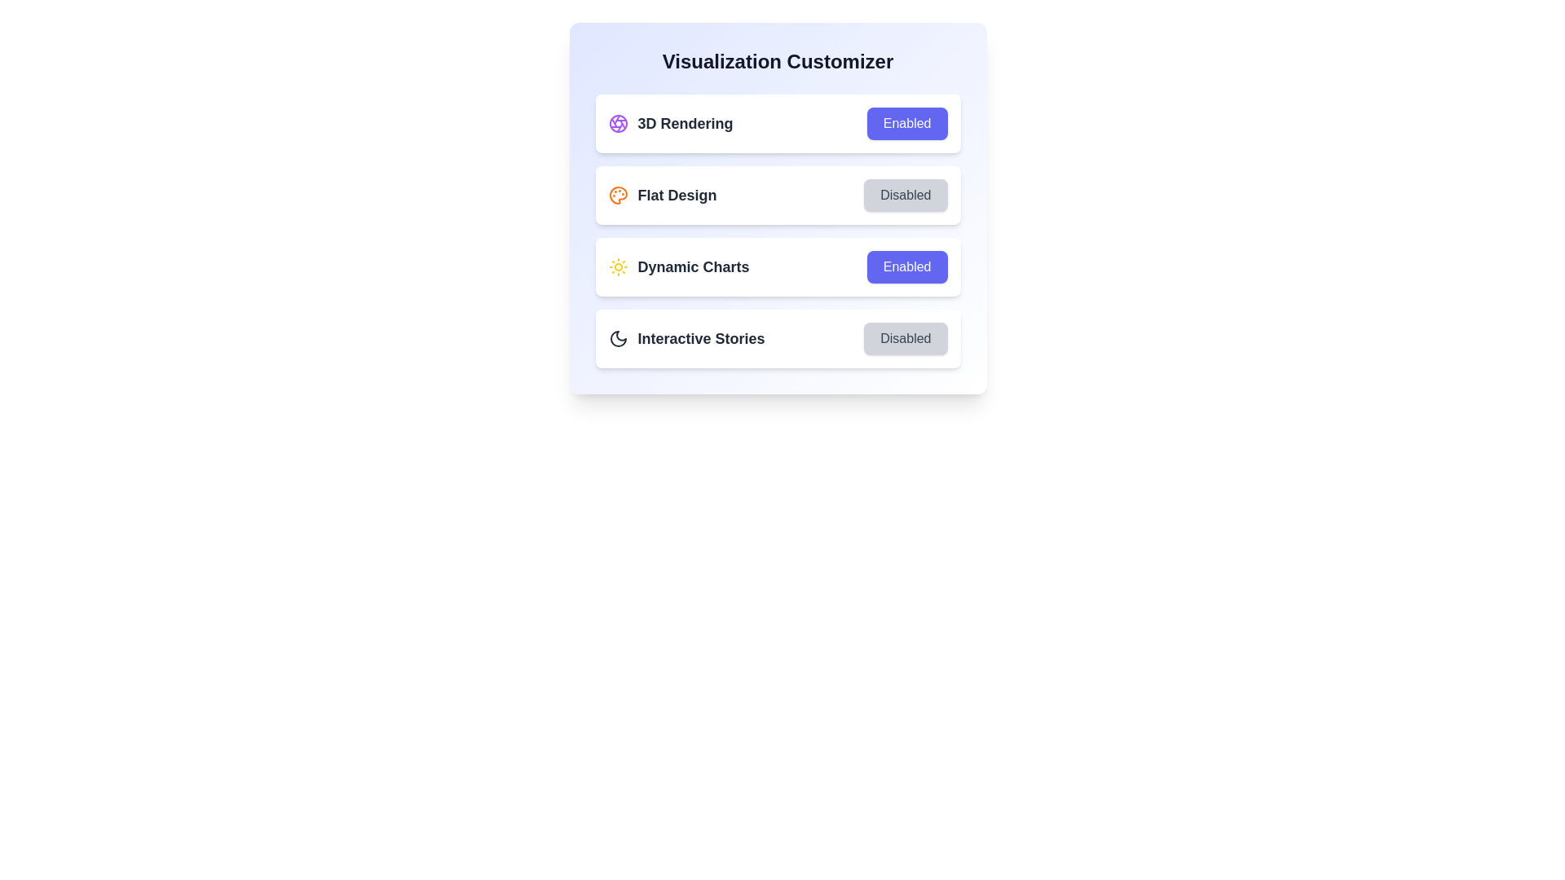 This screenshot has width=1565, height=880. I want to click on the main heading text 'Visualization Customizer', so click(777, 61).